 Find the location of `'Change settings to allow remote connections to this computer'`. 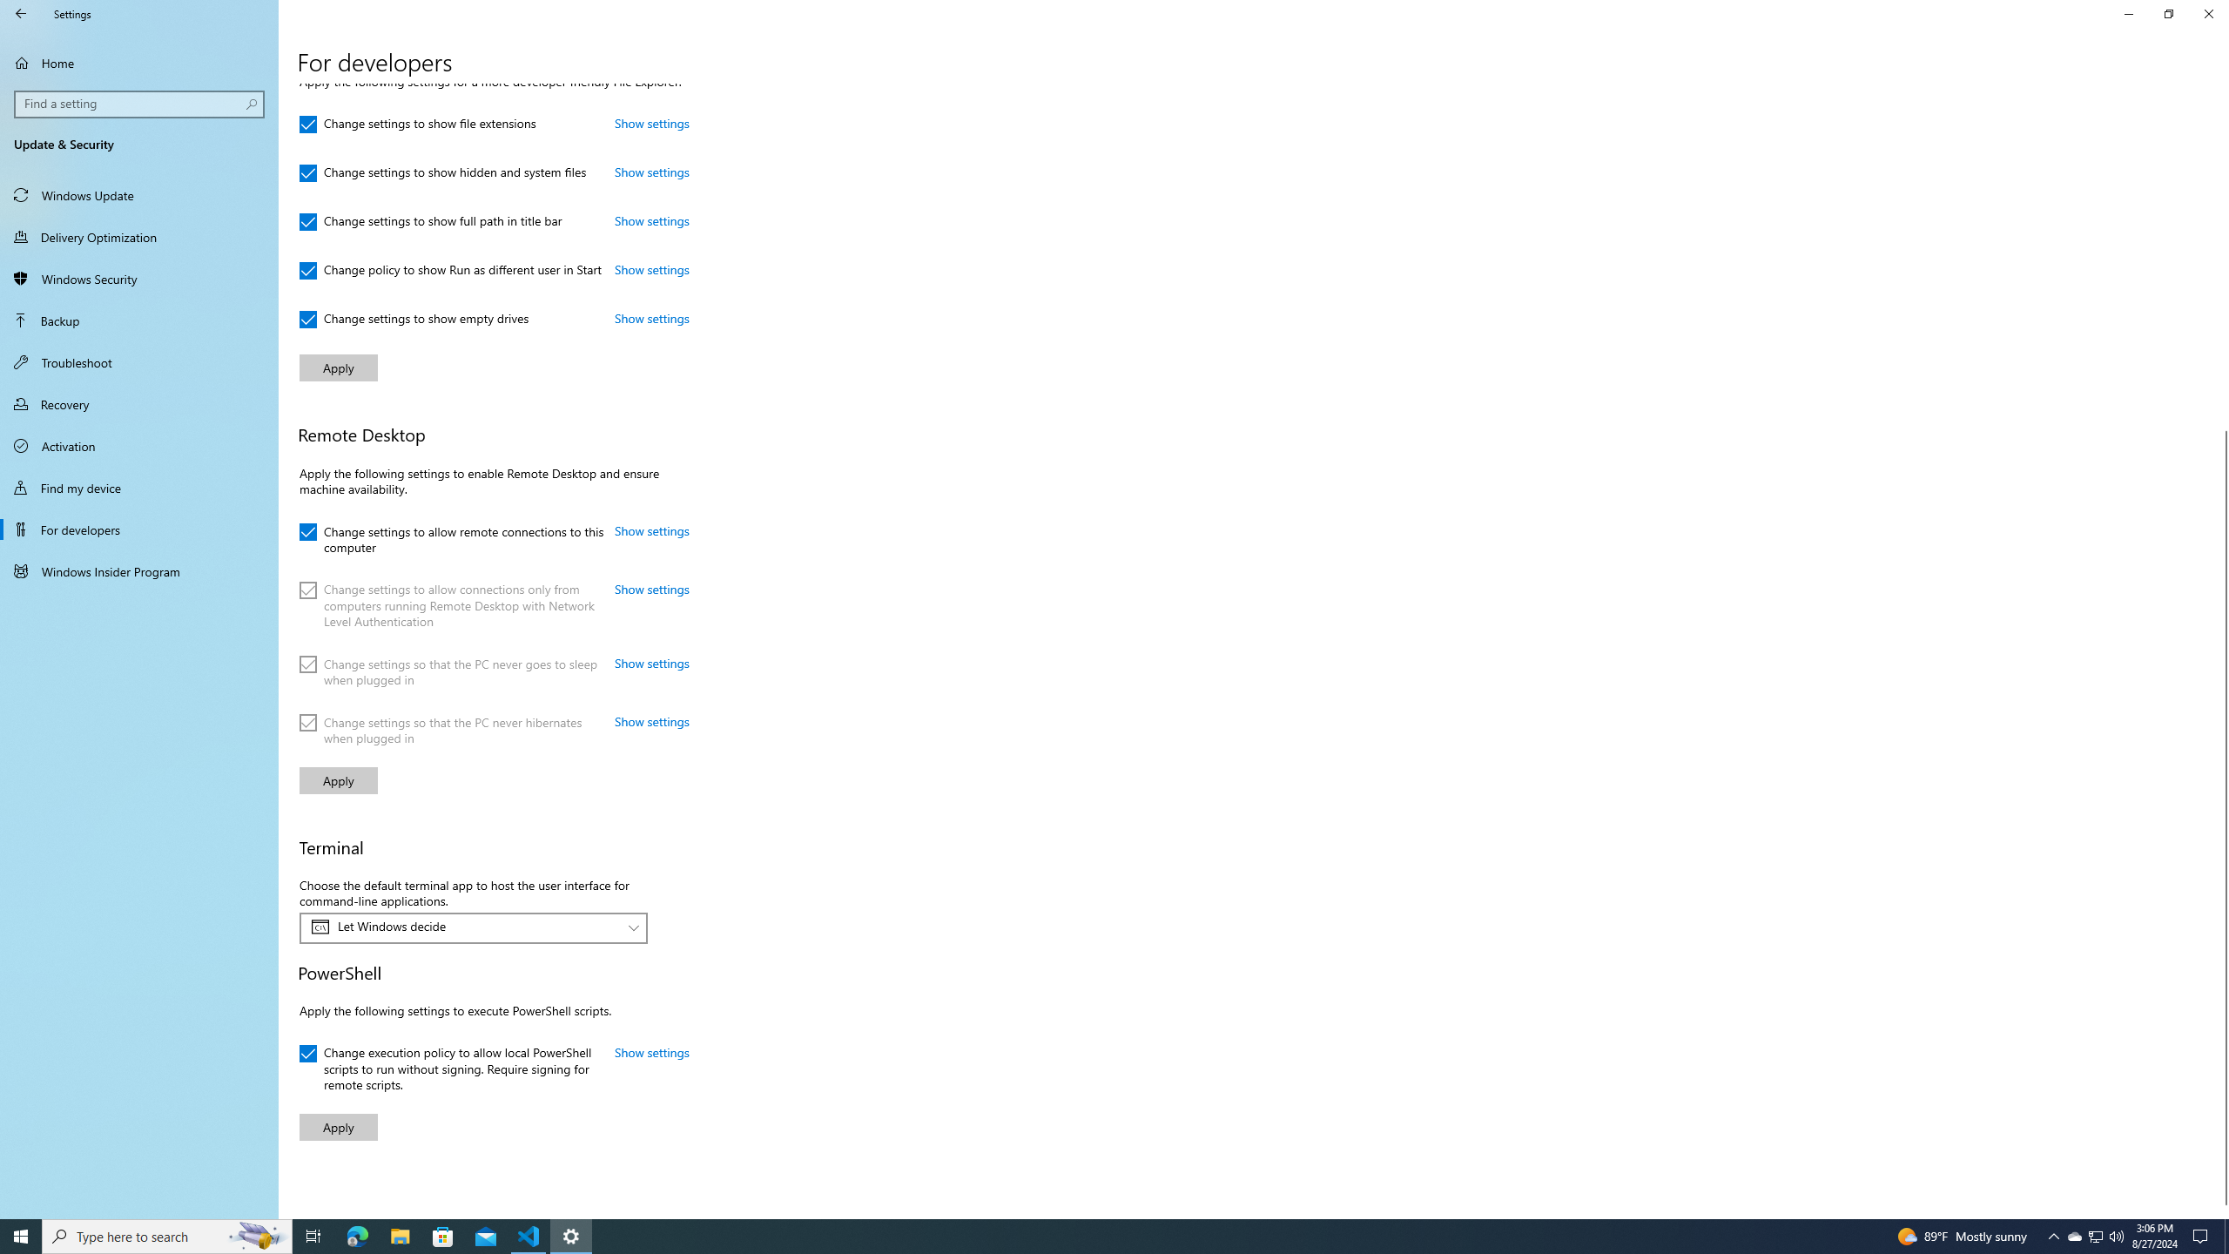

'Change settings to allow remote connections to this computer' is located at coordinates (450, 536).